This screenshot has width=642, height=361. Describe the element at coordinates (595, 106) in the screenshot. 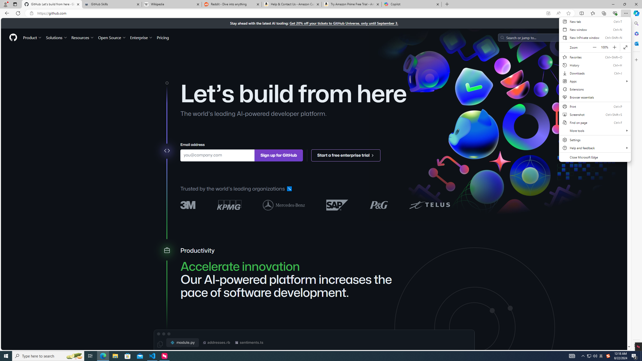

I see `'Print'` at that location.